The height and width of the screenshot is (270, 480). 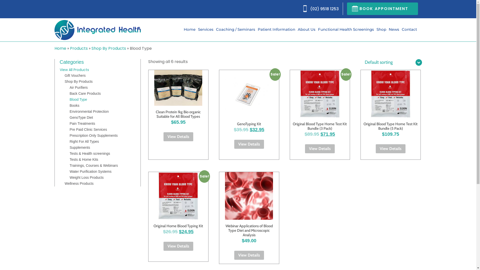 I want to click on 'Books', so click(x=74, y=105).